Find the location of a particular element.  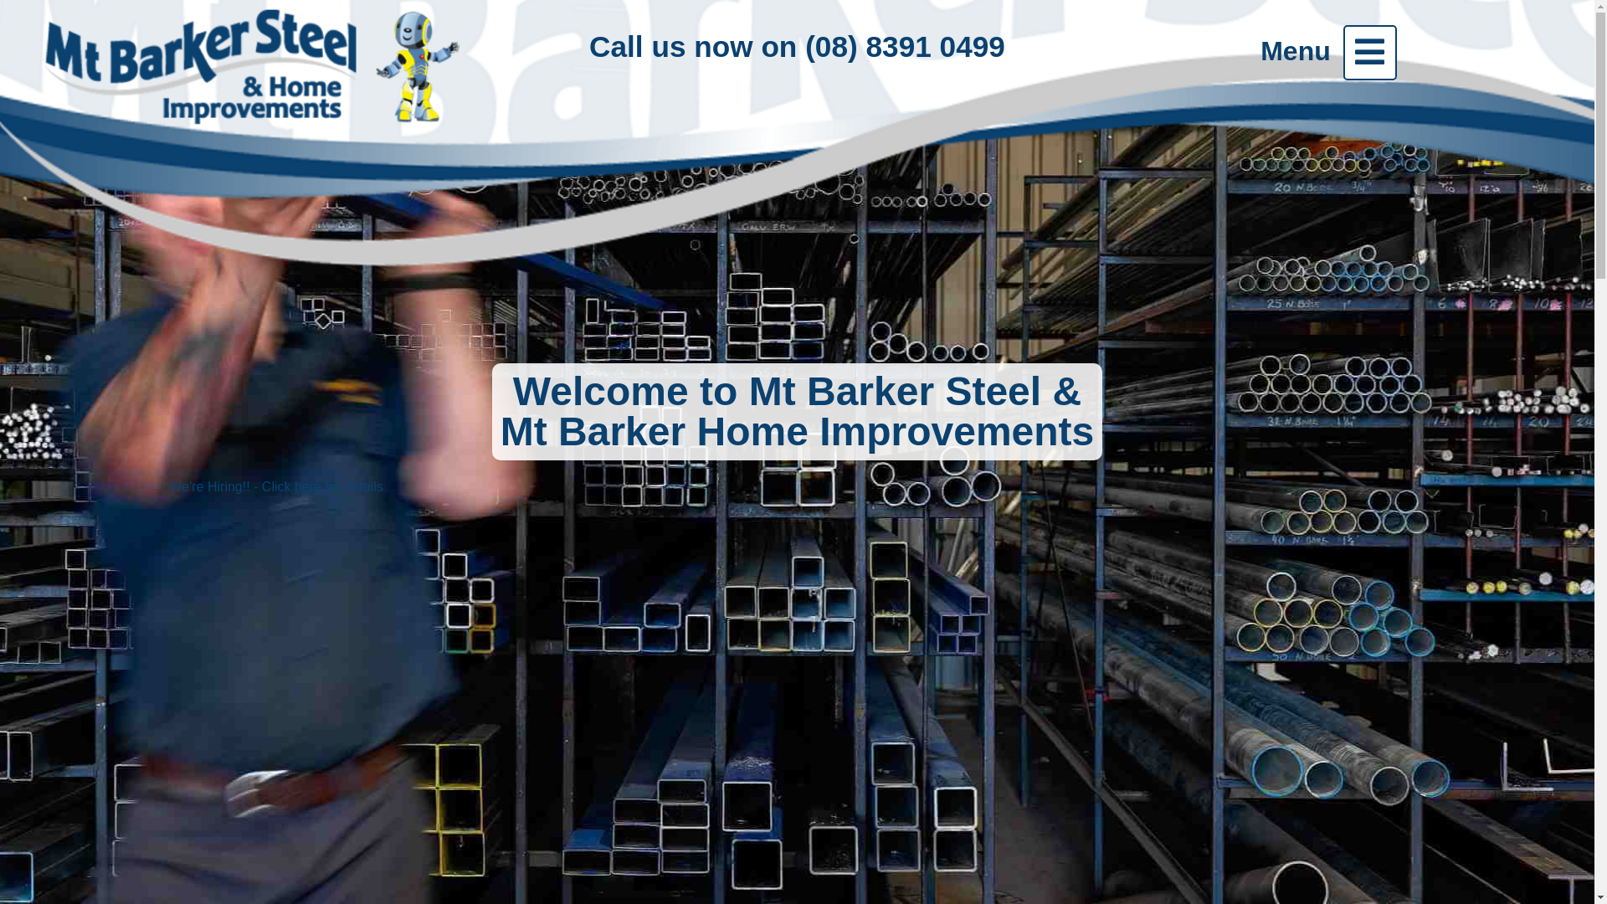

'(08) 8391 0499' is located at coordinates (904, 45).